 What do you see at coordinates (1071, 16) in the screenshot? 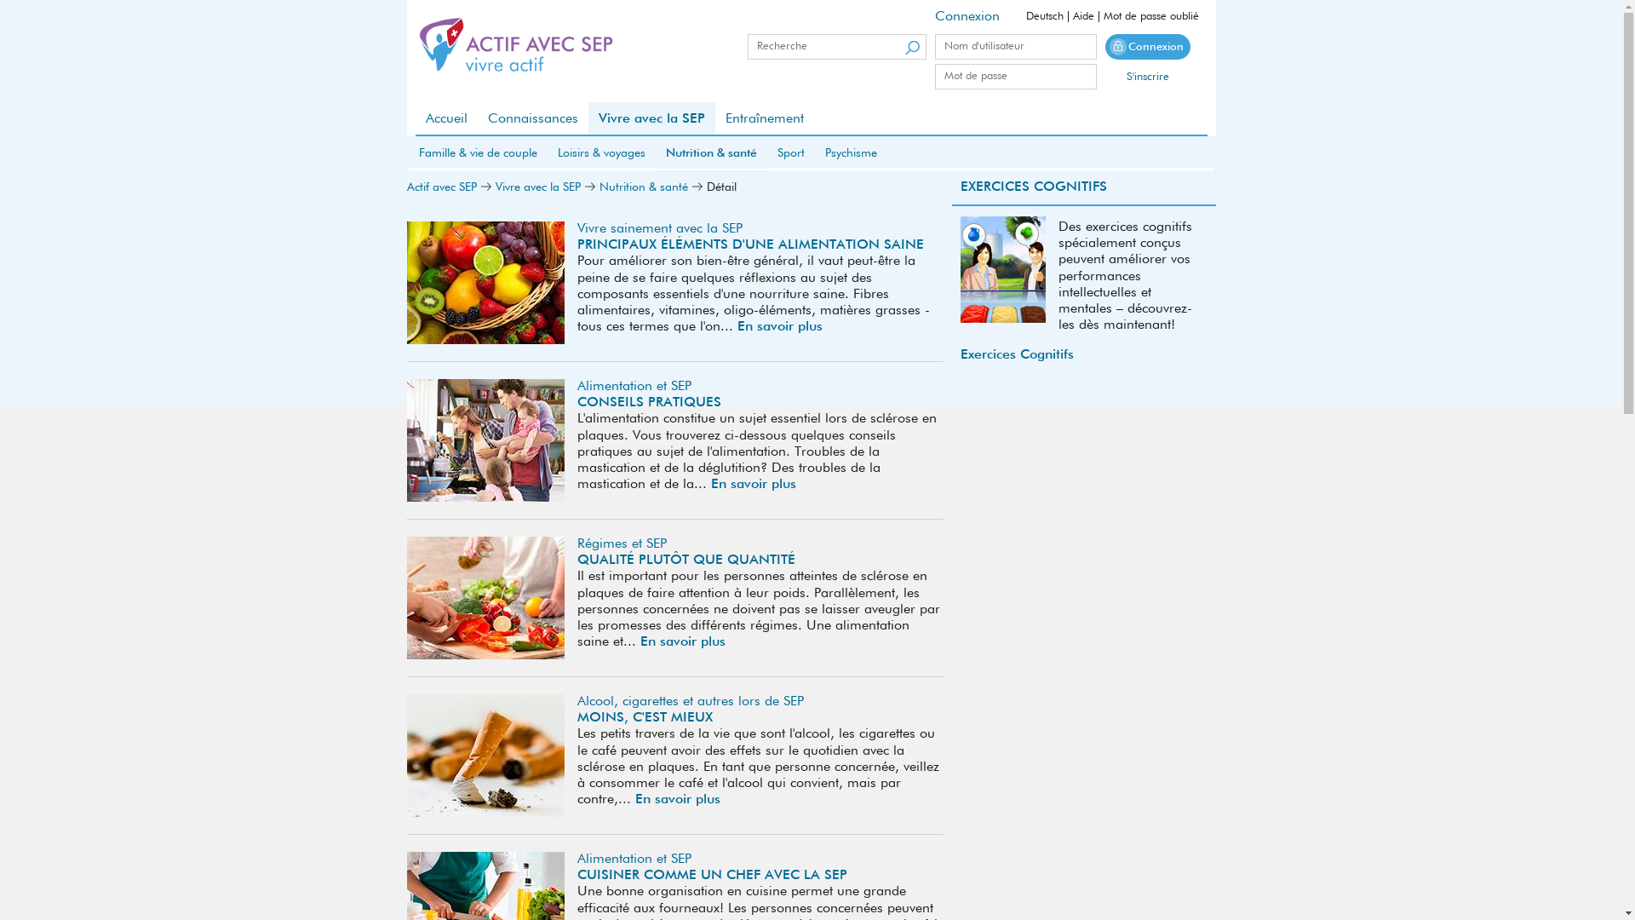
I see `'Aide'` at bounding box center [1071, 16].